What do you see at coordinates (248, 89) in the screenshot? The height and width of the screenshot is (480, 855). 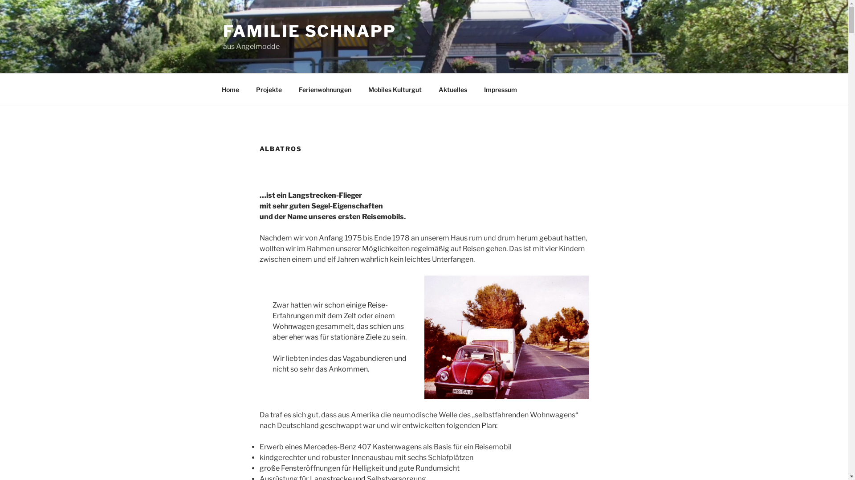 I see `'Projekte'` at bounding box center [248, 89].